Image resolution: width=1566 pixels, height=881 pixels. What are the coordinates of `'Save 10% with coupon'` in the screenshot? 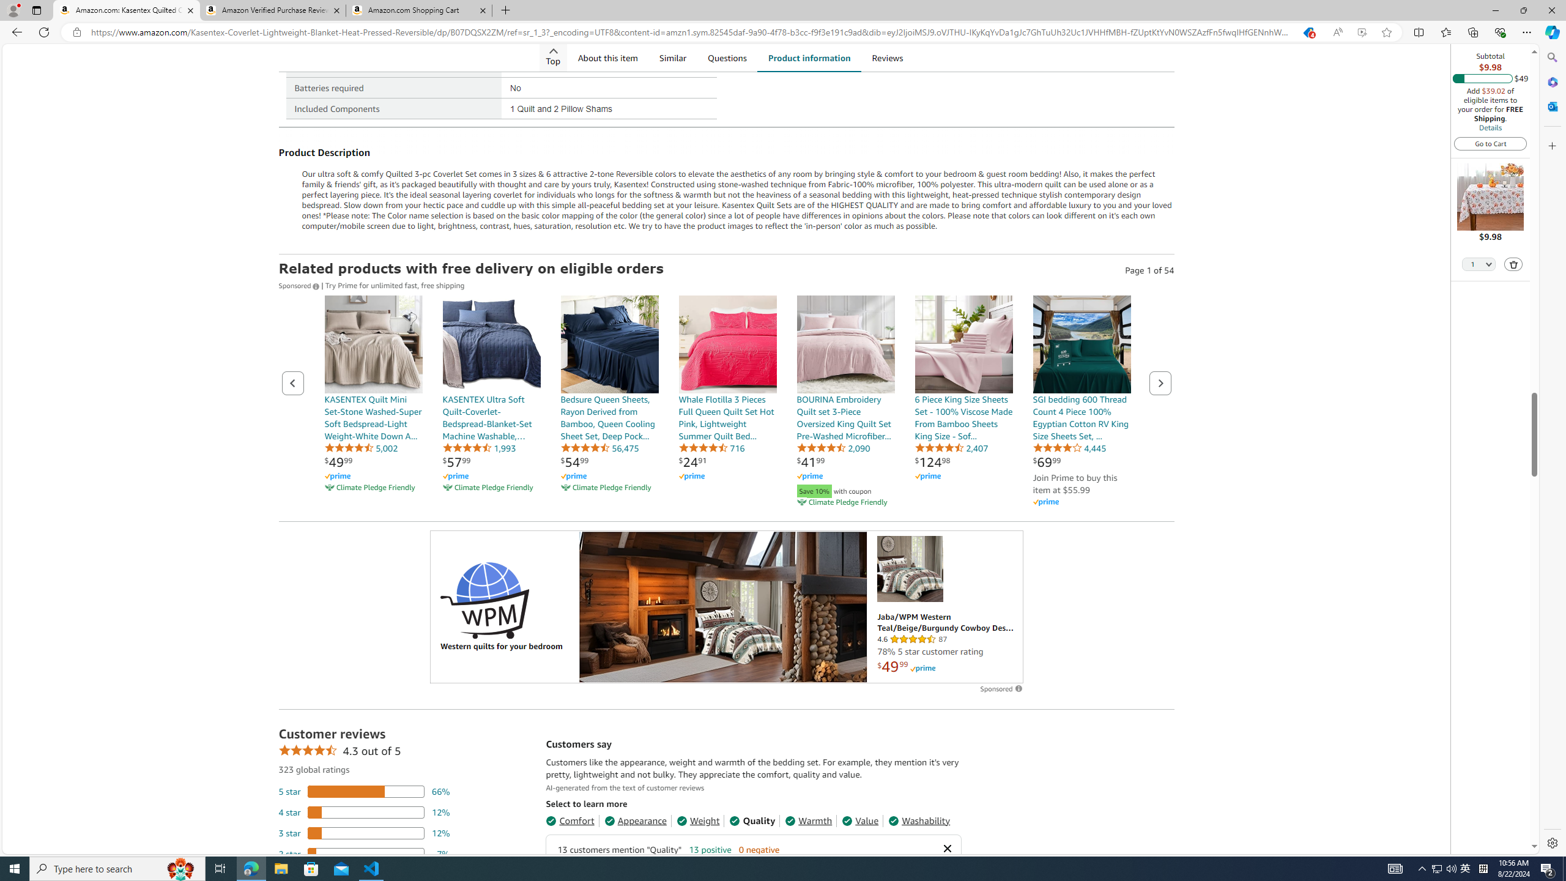 It's located at (845, 489).